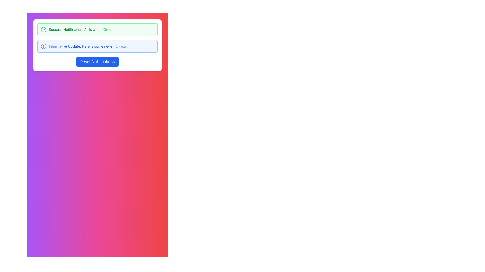  Describe the element at coordinates (120, 46) in the screenshot. I see `the 'Close' button` at that location.